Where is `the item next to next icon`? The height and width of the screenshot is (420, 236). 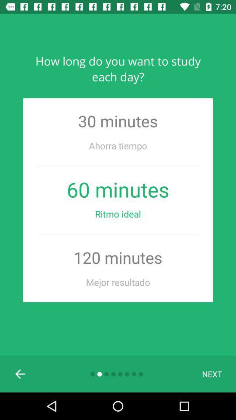 the item next to next icon is located at coordinates (21, 373).